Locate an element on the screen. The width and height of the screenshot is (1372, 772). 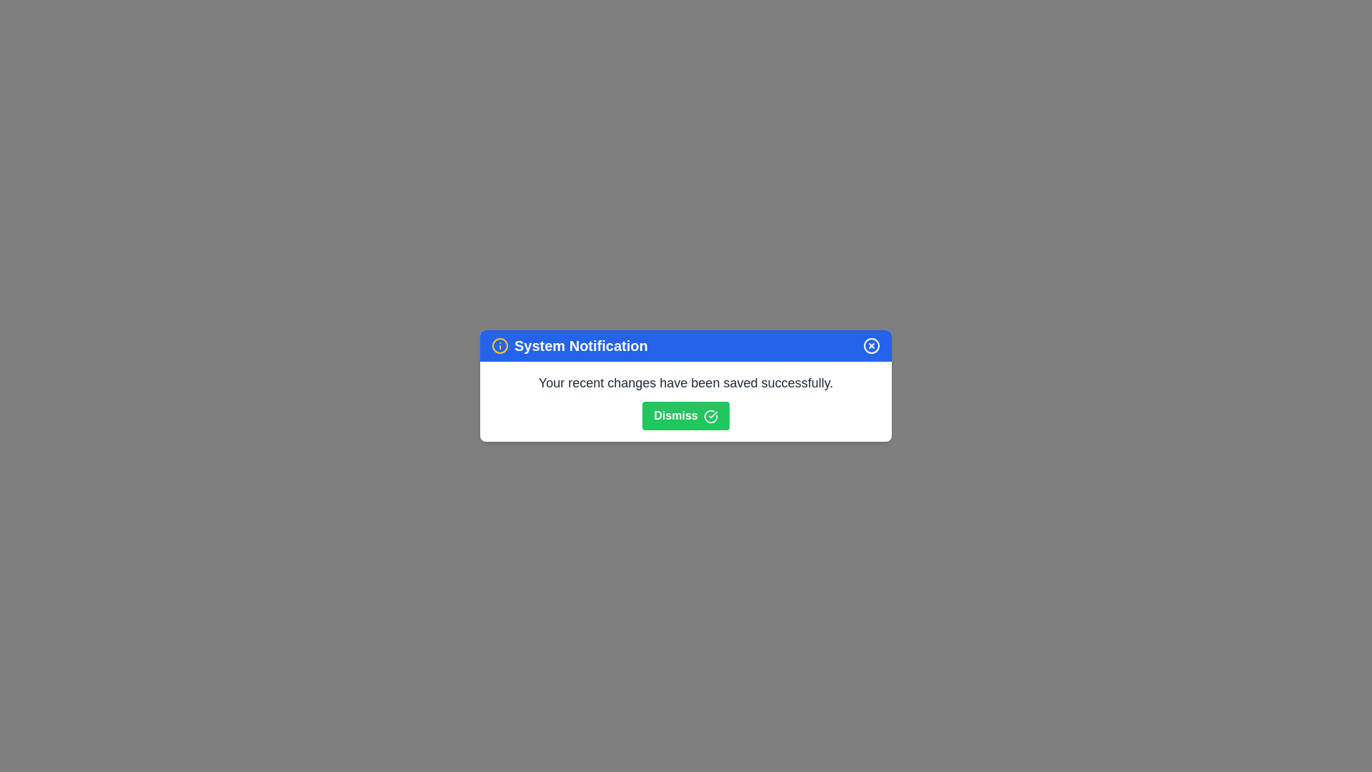
the information icon to interact with it is located at coordinates (500, 345).